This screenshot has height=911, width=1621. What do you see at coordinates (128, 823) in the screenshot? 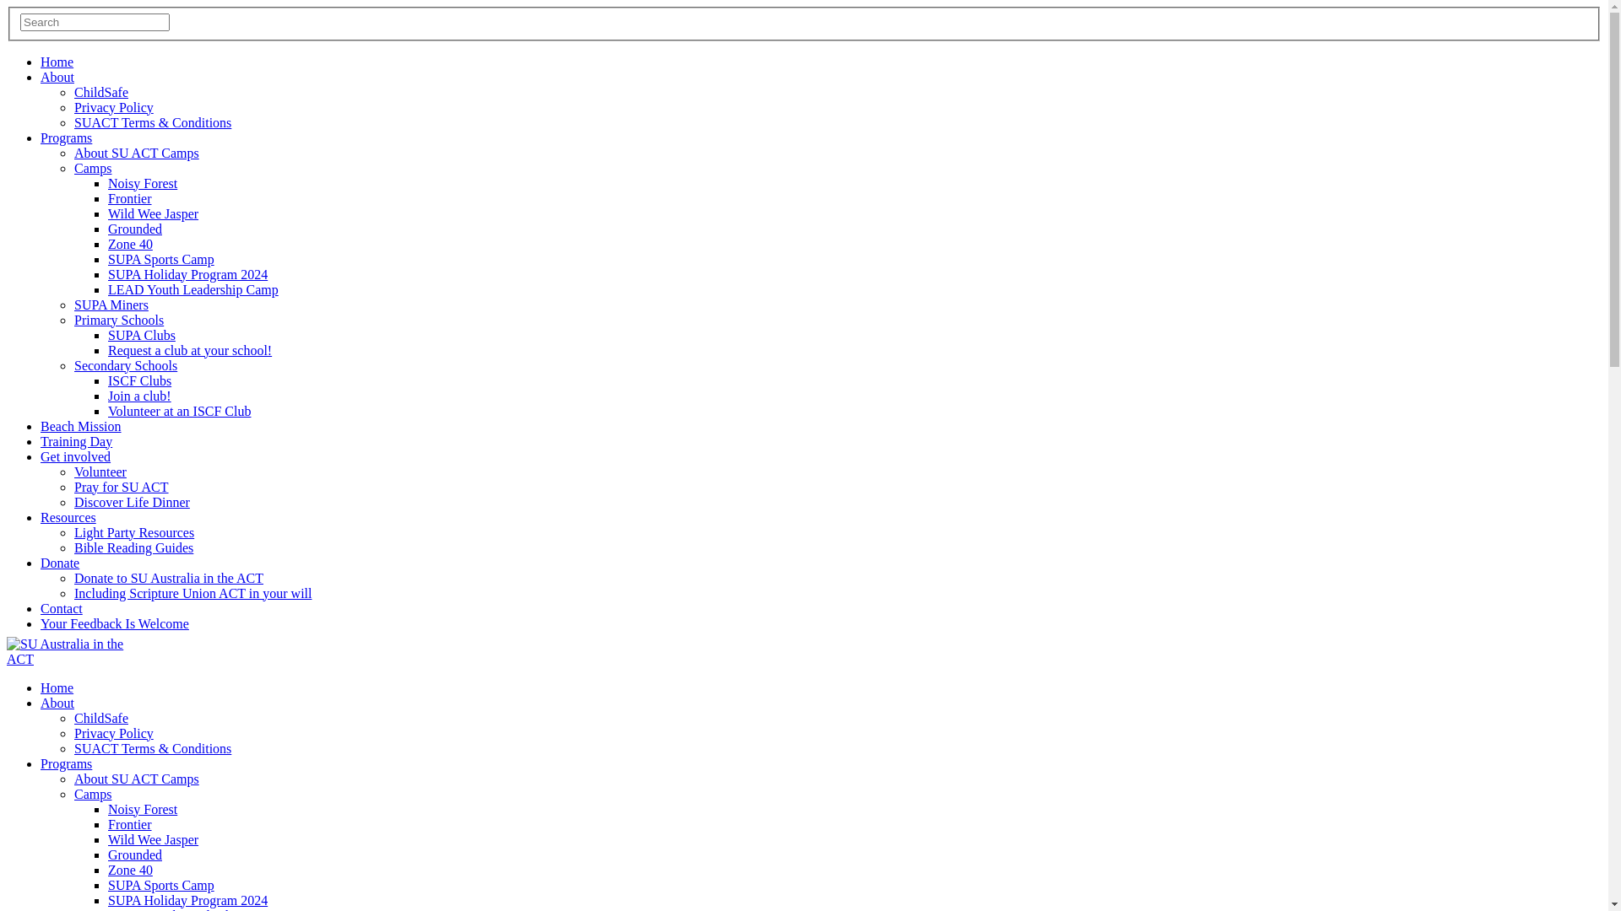
I see `'Frontier'` at bounding box center [128, 823].